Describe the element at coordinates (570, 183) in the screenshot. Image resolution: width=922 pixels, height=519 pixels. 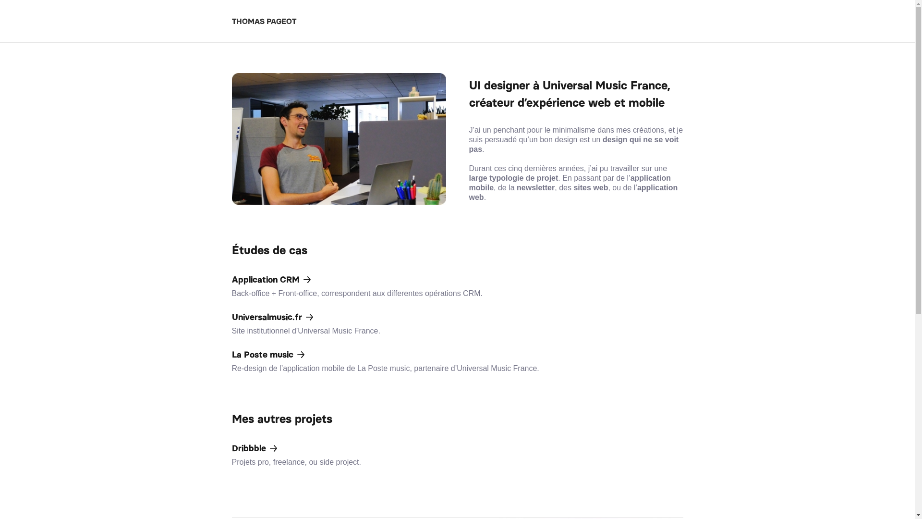
I see `'application mobile'` at that location.